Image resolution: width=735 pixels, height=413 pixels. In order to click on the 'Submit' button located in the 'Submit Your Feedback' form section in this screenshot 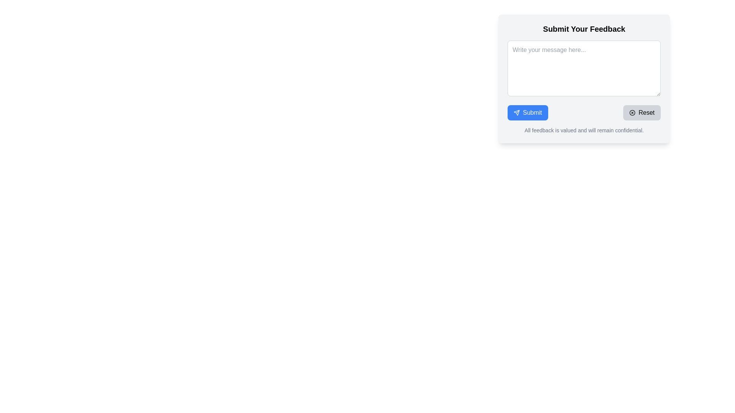, I will do `click(527, 112)`.